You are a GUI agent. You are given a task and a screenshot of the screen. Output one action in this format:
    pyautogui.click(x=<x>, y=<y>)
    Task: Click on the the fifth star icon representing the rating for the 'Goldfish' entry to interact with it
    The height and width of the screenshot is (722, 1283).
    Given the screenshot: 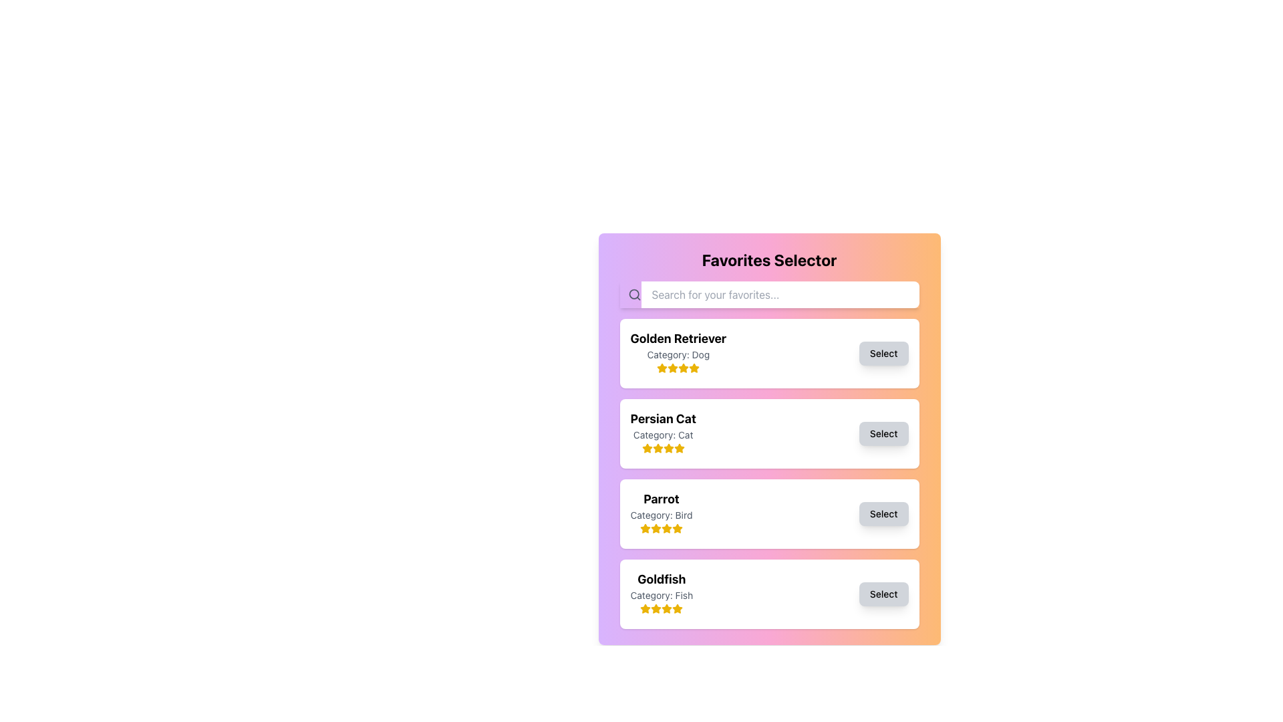 What is the action you would take?
    pyautogui.click(x=678, y=608)
    